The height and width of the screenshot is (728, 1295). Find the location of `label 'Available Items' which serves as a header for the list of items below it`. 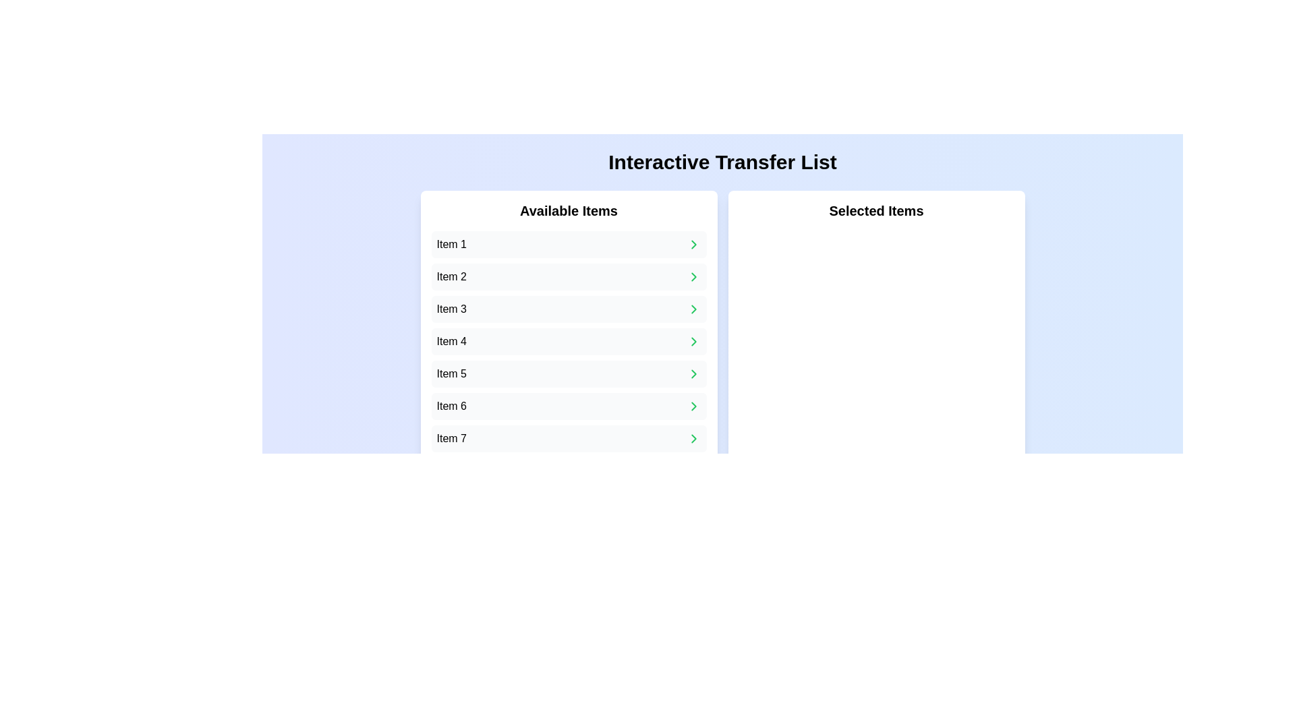

label 'Available Items' which serves as a header for the list of items below it is located at coordinates (569, 210).